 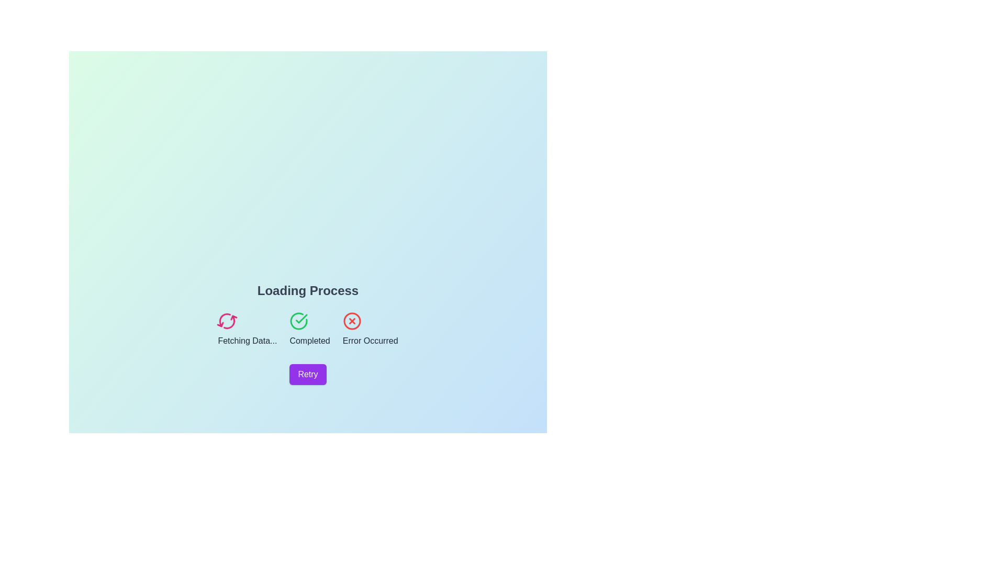 What do you see at coordinates (307, 290) in the screenshot?
I see `the Text label that serves as a title or header indicating the context or subject of the interface below it` at bounding box center [307, 290].